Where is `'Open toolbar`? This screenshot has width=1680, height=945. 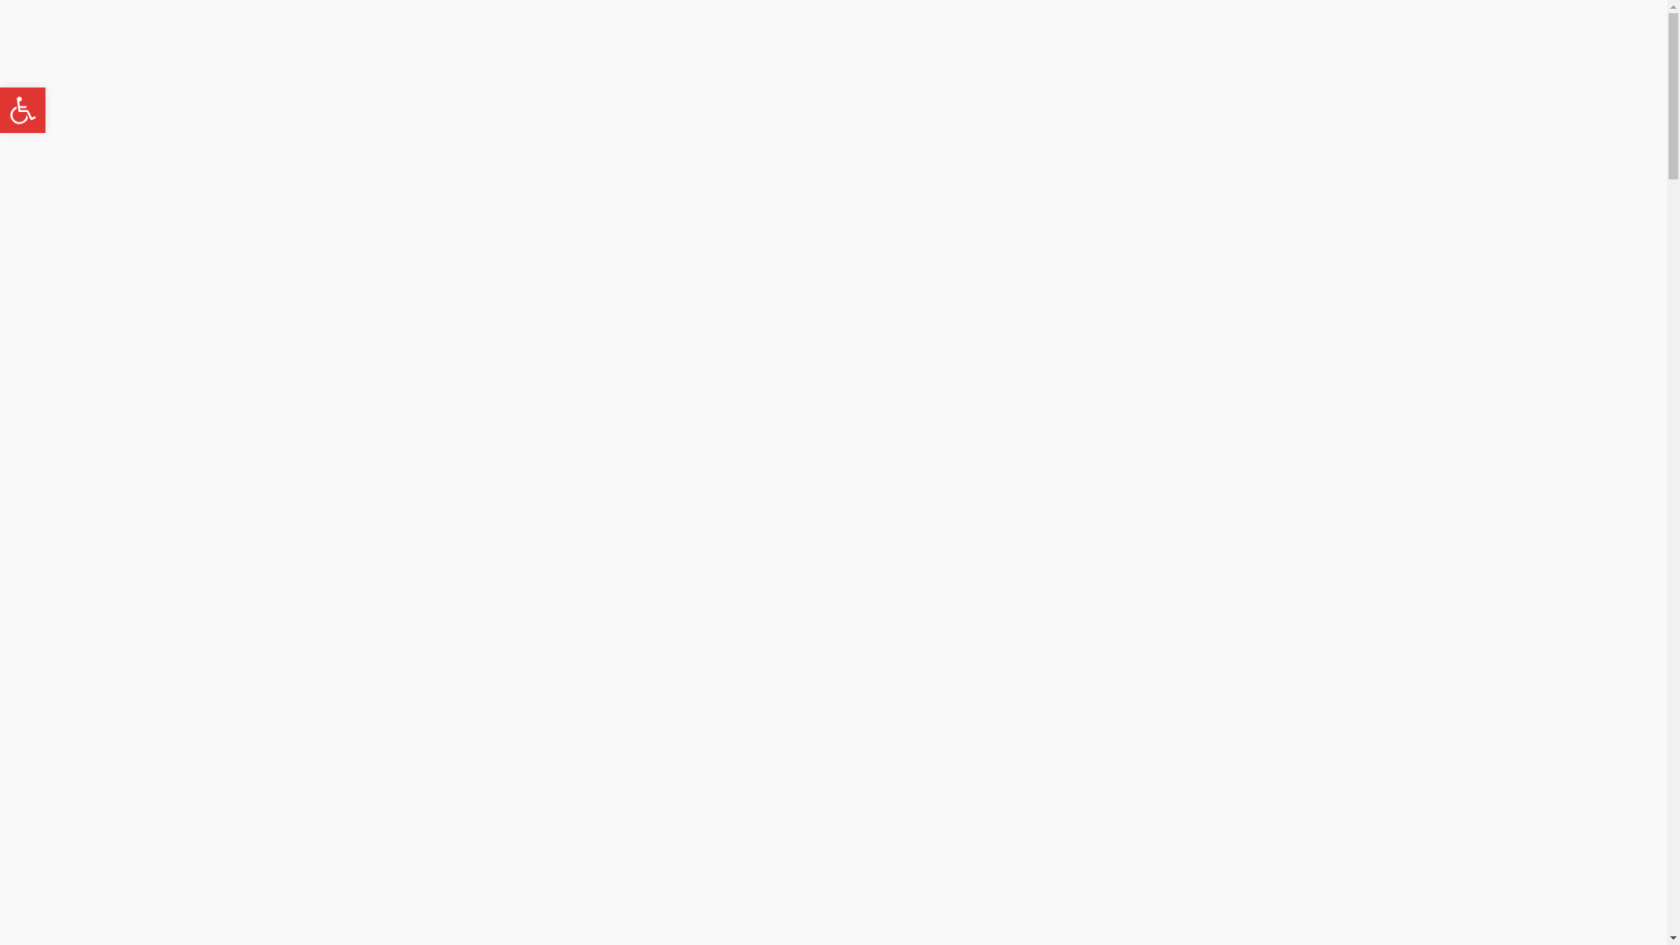 'Open toolbar is located at coordinates (22, 110).